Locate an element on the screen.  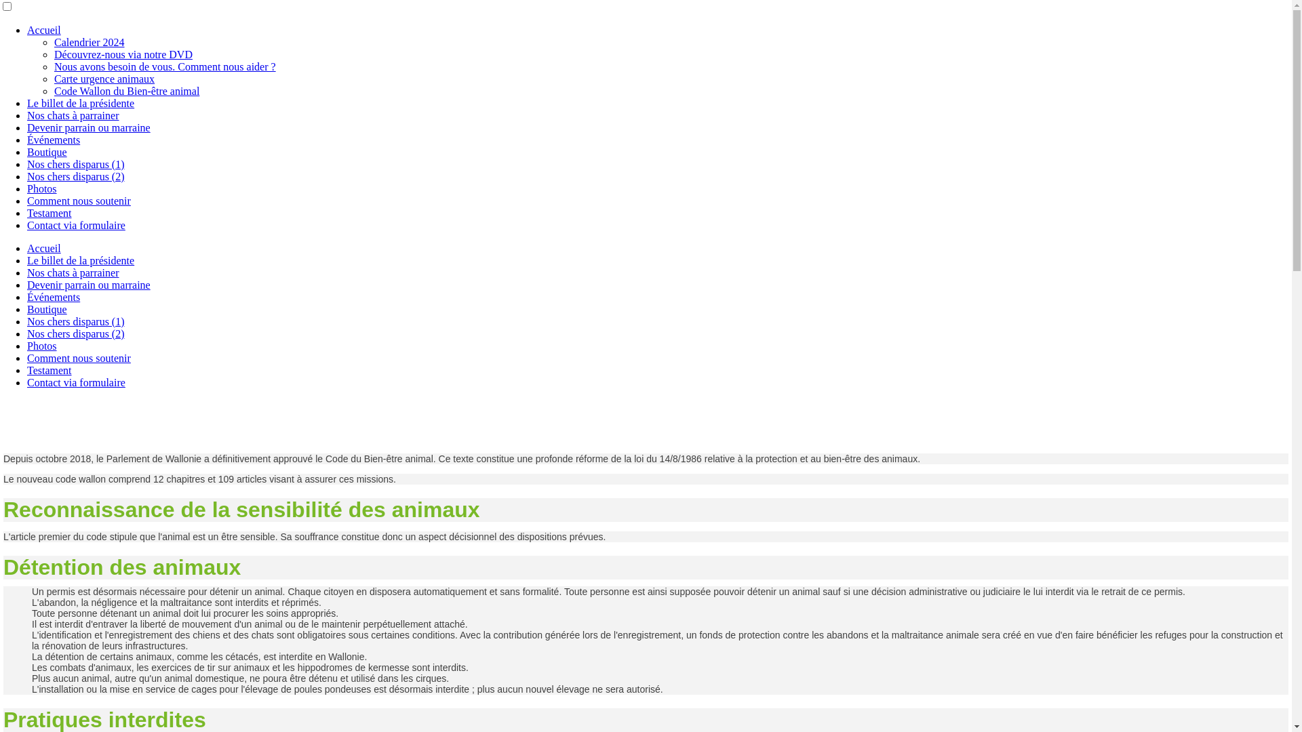
'Testament' is located at coordinates (49, 370).